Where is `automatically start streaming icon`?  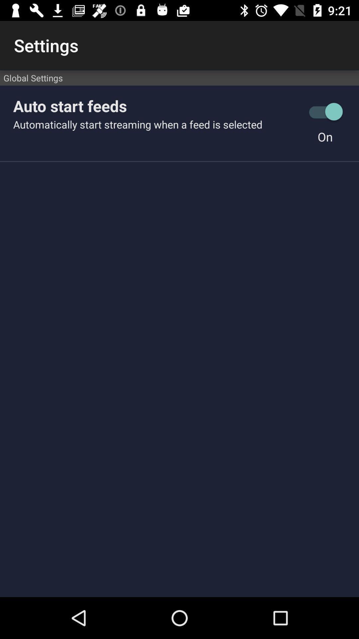
automatically start streaming icon is located at coordinates (157, 124).